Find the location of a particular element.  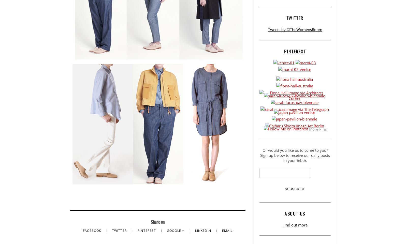

'Find out more' is located at coordinates (283, 224).